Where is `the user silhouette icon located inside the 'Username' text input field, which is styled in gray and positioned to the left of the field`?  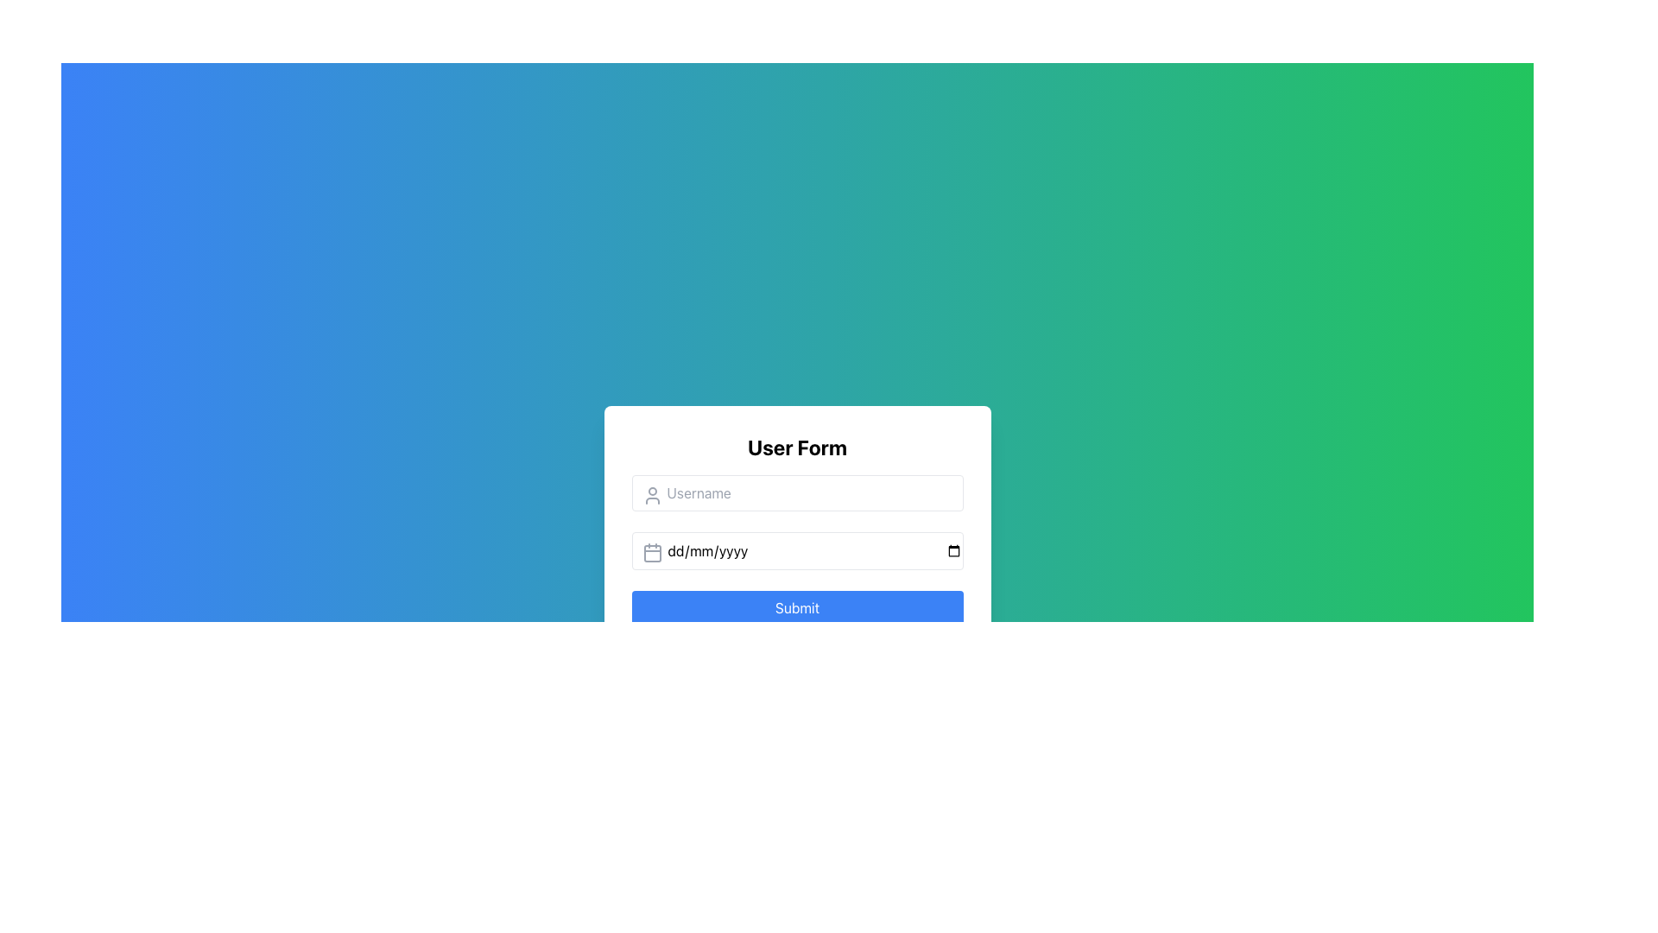
the user silhouette icon located inside the 'Username' text input field, which is styled in gray and positioned to the left of the field is located at coordinates (651, 496).